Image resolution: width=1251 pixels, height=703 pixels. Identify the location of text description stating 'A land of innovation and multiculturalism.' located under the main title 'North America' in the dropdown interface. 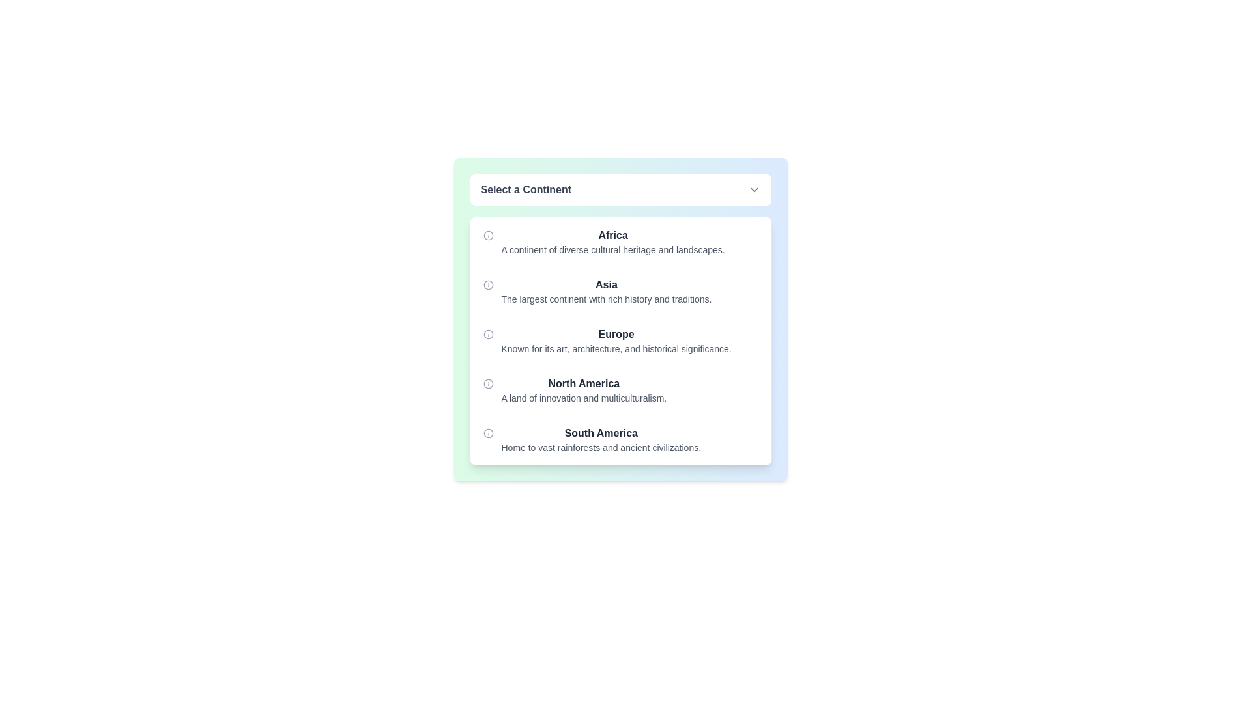
(583, 398).